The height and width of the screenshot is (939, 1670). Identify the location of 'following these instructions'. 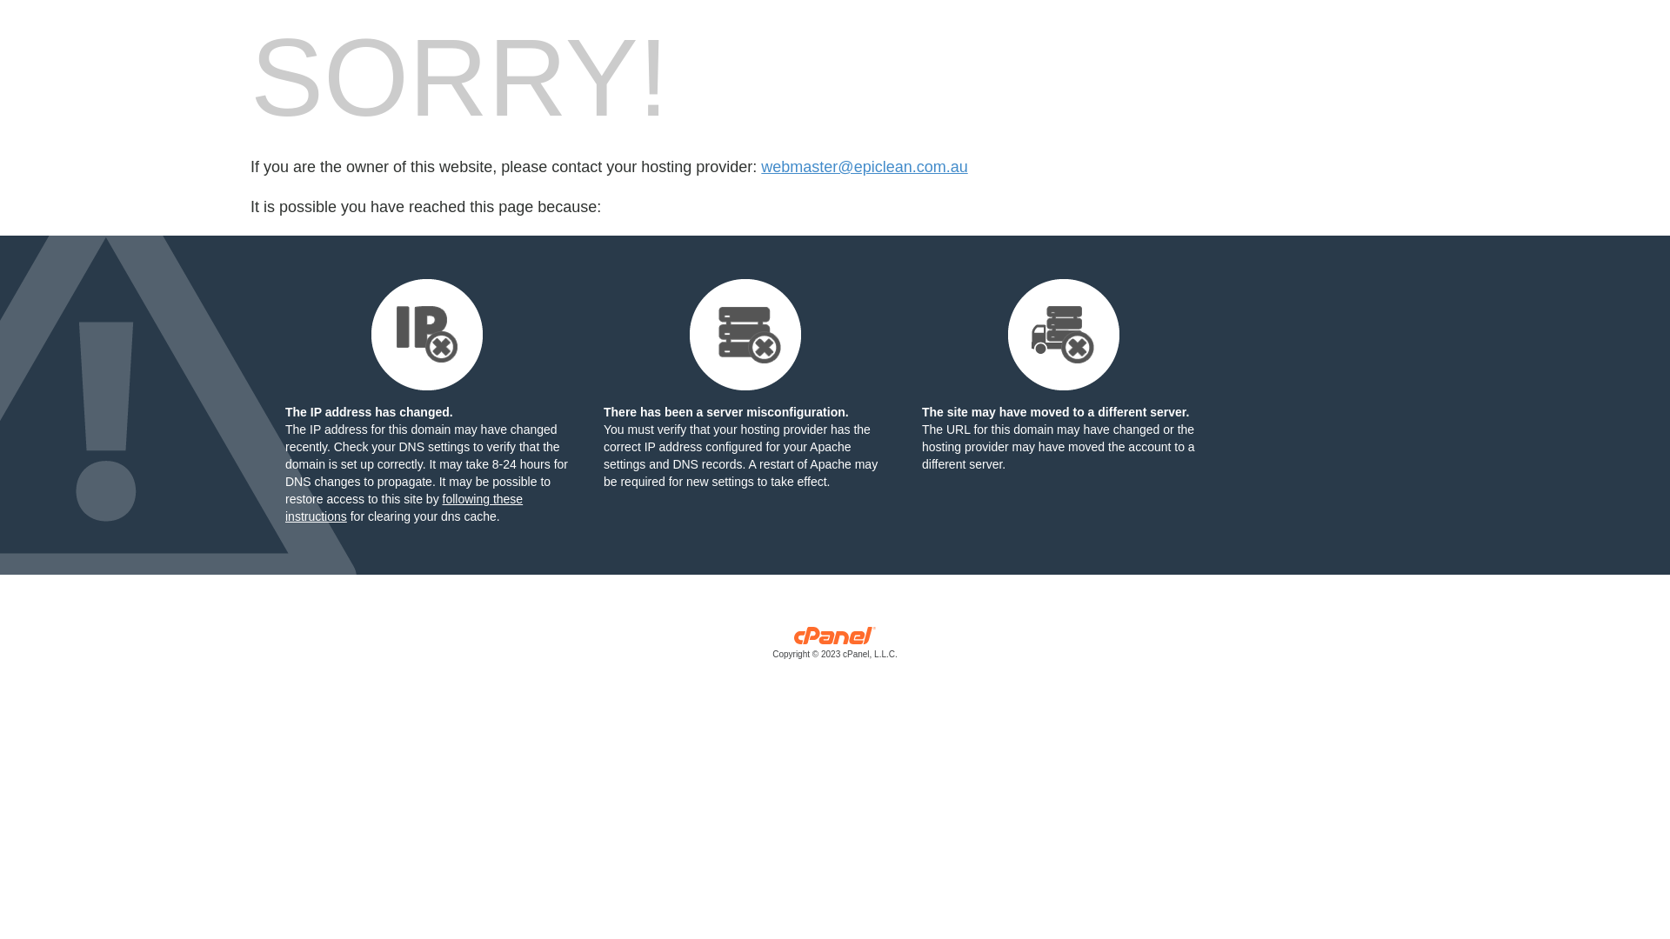
(403, 507).